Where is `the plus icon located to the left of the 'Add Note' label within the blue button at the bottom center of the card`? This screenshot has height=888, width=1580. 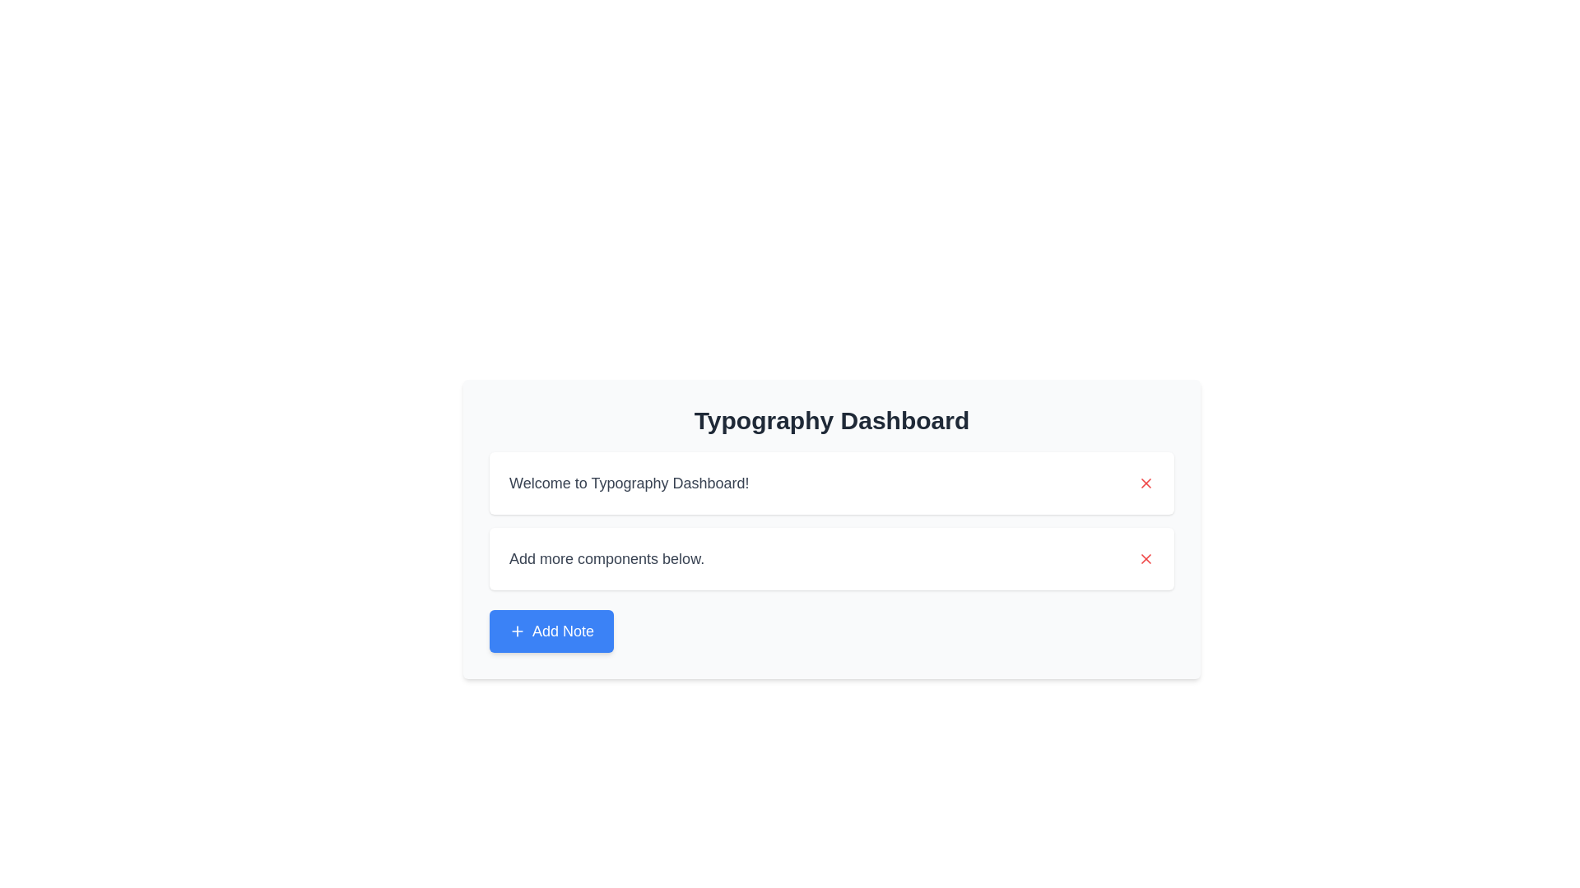 the plus icon located to the left of the 'Add Note' label within the blue button at the bottom center of the card is located at coordinates (516, 630).